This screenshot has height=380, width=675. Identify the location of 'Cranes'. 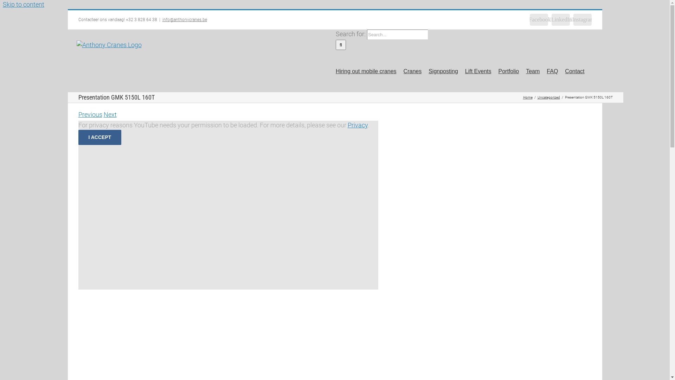
(413, 71).